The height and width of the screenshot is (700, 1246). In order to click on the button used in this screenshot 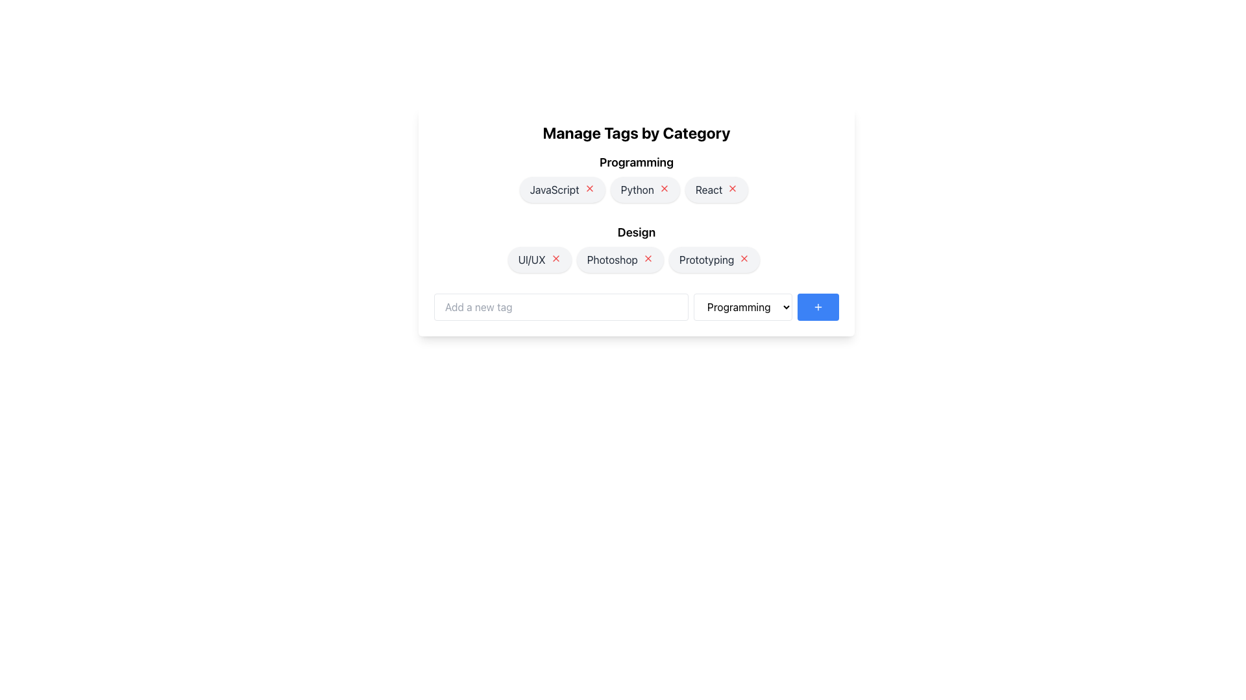, I will do `click(818, 307)`.